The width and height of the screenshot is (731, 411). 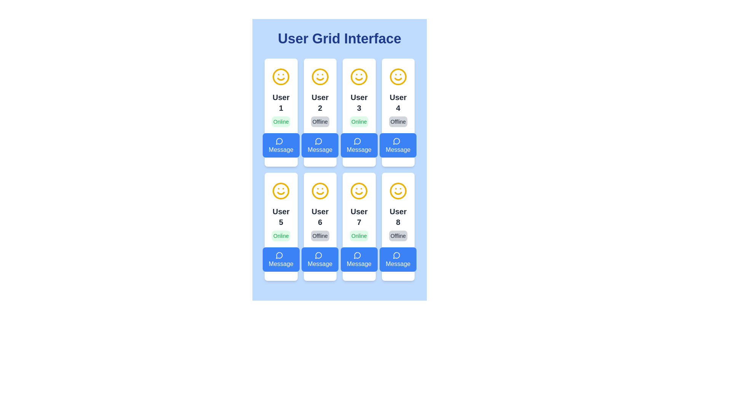 I want to click on the icon within the 'Message' button associated with 'User 8', located in the fourth column of the second row of user sections, so click(x=396, y=255).